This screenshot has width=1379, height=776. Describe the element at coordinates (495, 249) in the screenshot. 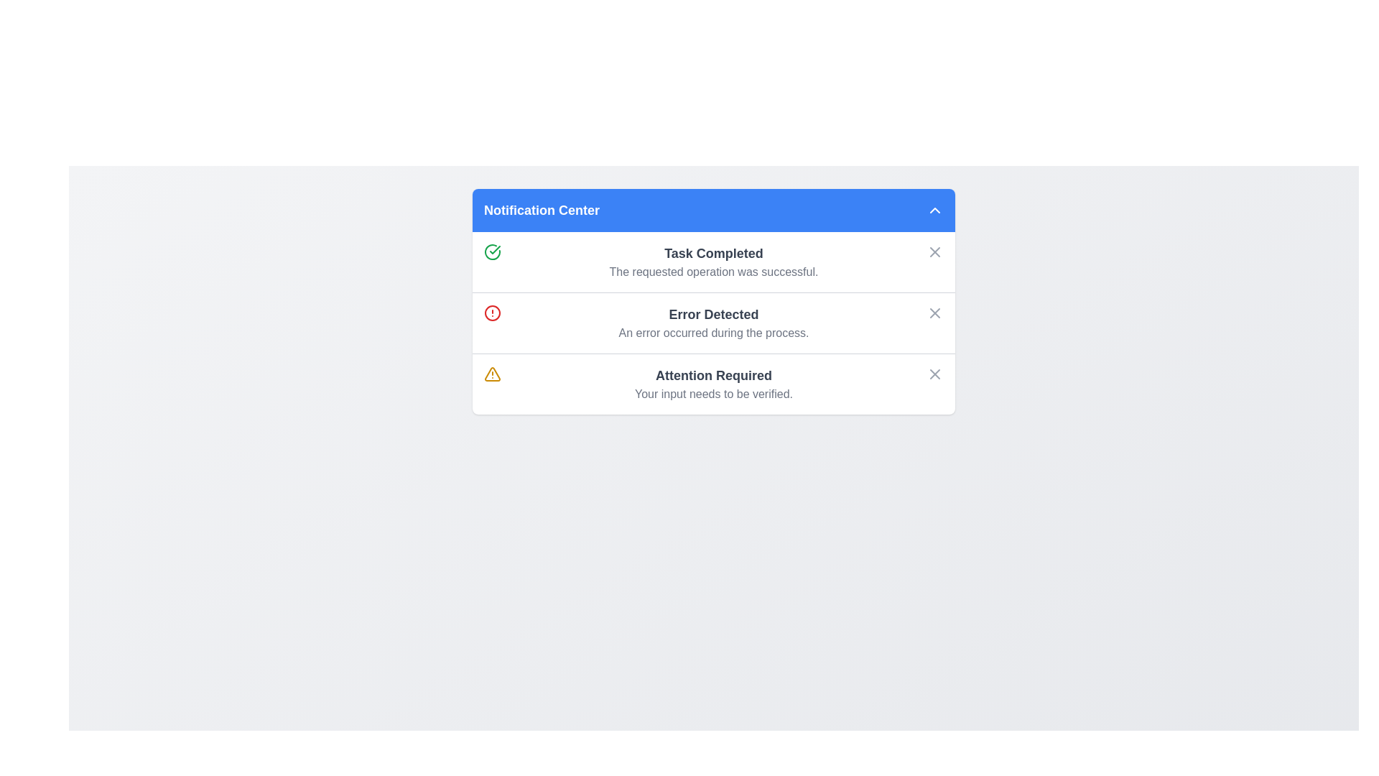

I see `the green check mark icon in the notification center that indicates success, located to the left of the 'Task Completed' text` at that location.